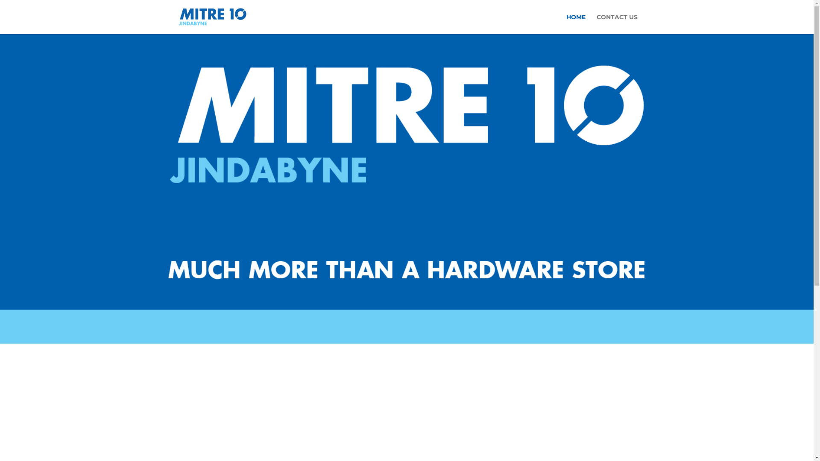 This screenshot has width=820, height=461. Describe the element at coordinates (617, 23) in the screenshot. I see `'CONTACT US'` at that location.